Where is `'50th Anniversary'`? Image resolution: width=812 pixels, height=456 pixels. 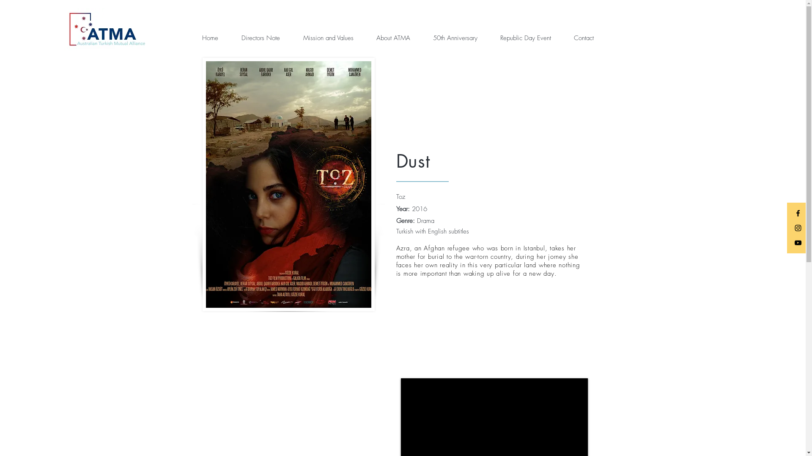 '50th Anniversary' is located at coordinates (459, 37).